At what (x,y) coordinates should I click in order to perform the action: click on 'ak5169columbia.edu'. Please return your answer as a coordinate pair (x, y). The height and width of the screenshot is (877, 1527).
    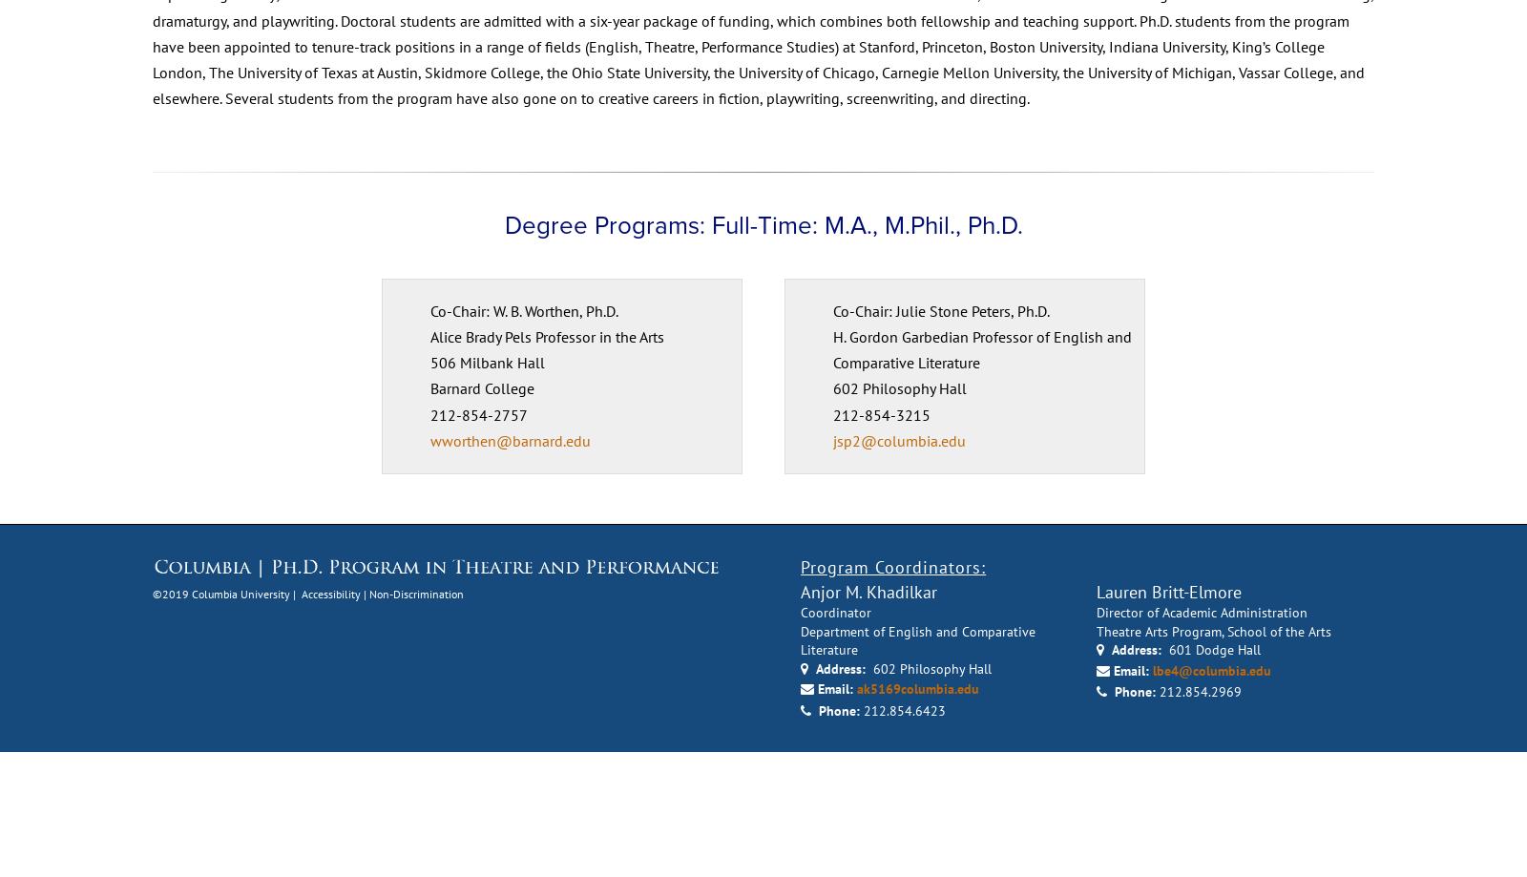
    Looking at the image, I should click on (851, 812).